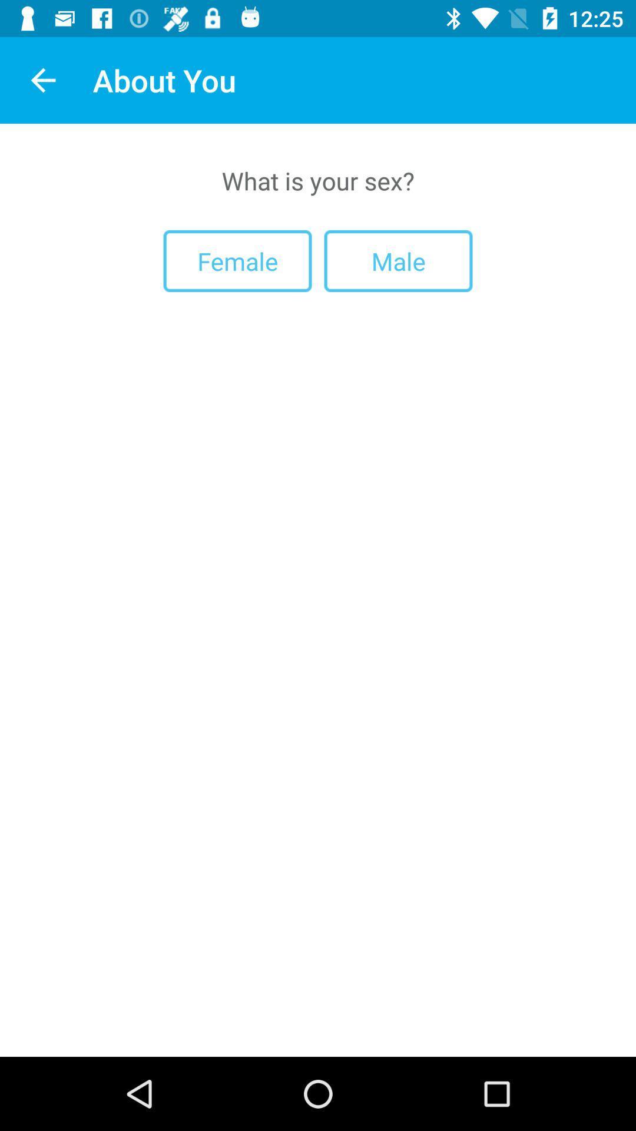 This screenshot has height=1131, width=636. What do you see at coordinates (42, 80) in the screenshot?
I see `icon to the left of the about you app` at bounding box center [42, 80].